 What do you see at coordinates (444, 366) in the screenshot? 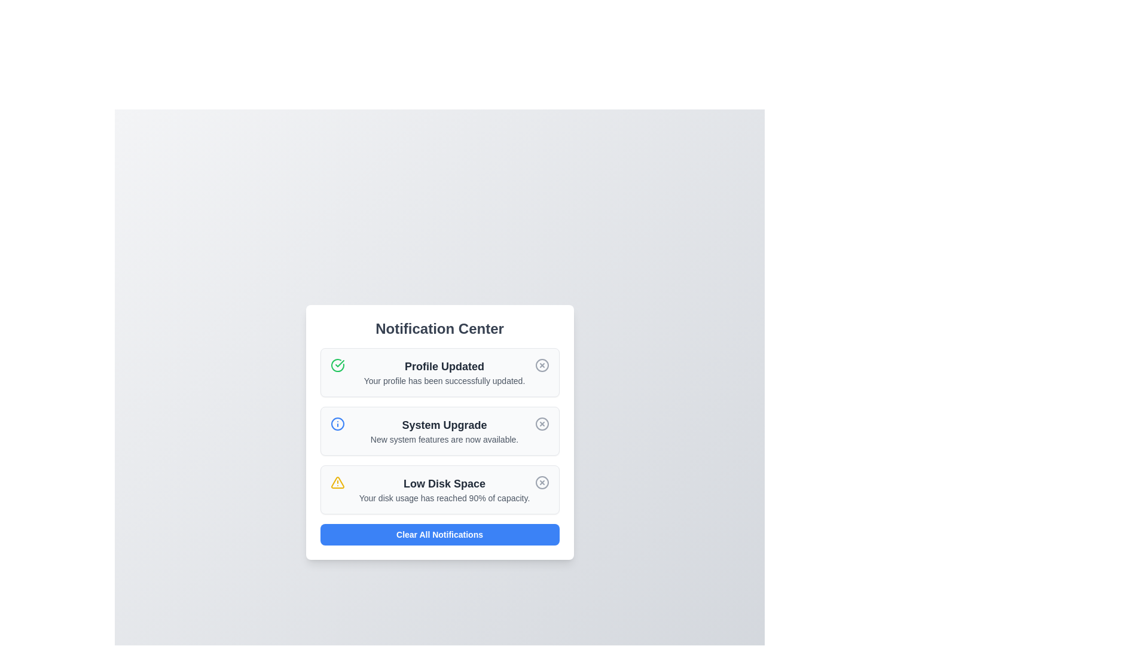
I see `the title or header text label of the notification, which summarizes the notification's subject and is positioned at the top of the notification card` at bounding box center [444, 366].